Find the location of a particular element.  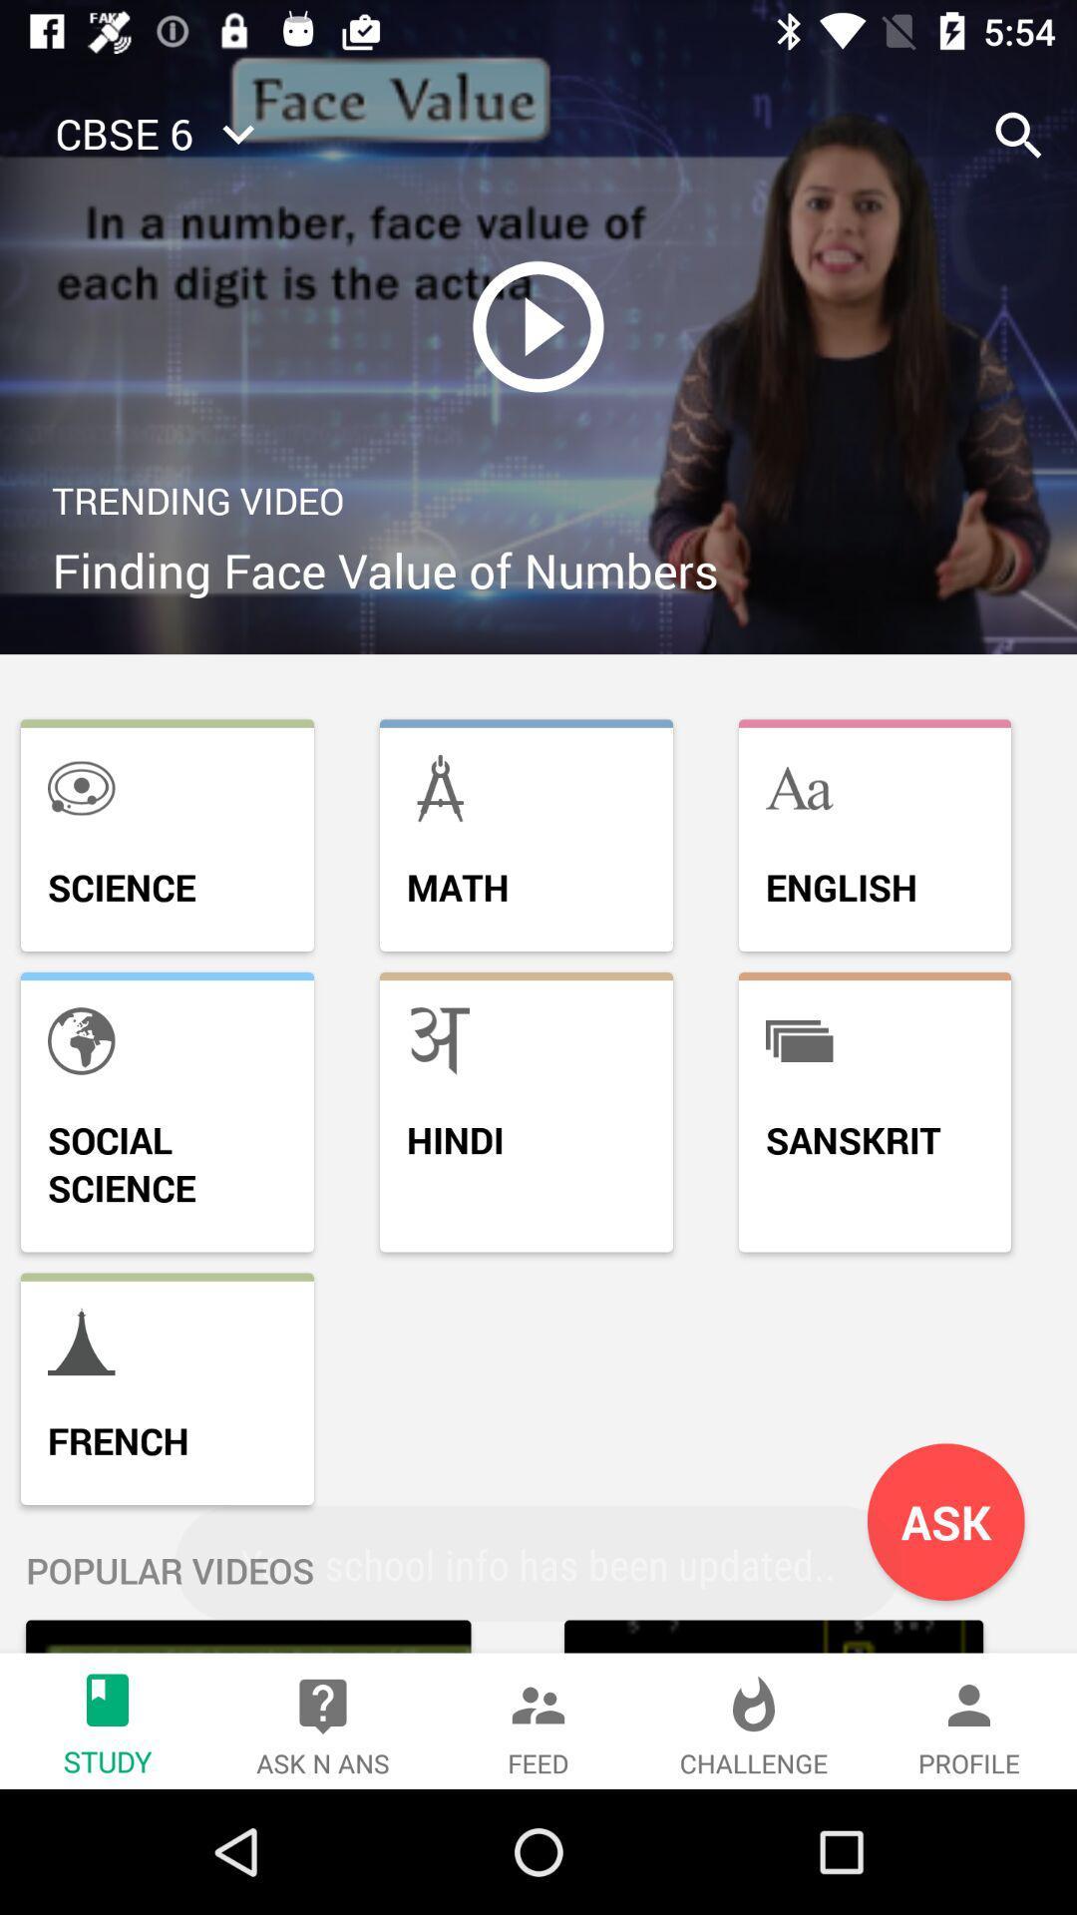

the play icon is located at coordinates (538, 326).